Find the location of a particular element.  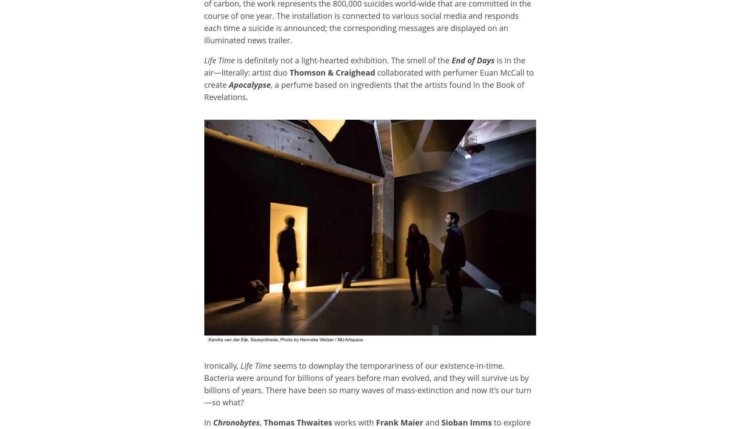

'is definitely not a light-hearted exhibition. The smell of the' is located at coordinates (343, 60).